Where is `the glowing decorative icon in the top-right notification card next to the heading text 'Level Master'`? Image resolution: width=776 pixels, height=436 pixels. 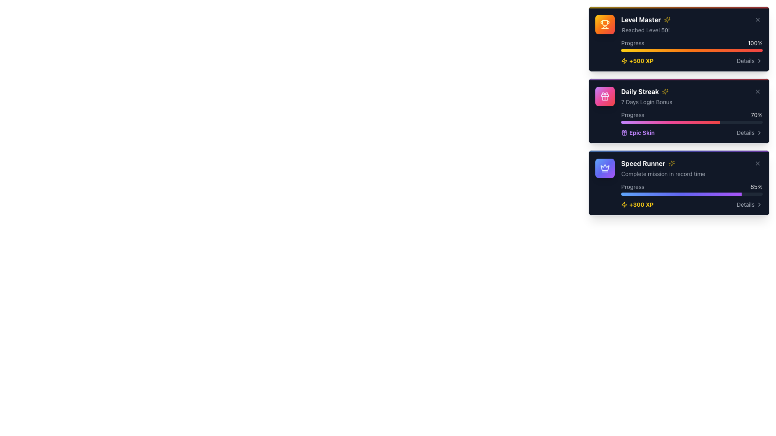
the glowing decorative icon in the top-right notification card next to the heading text 'Level Master' is located at coordinates (665, 91).